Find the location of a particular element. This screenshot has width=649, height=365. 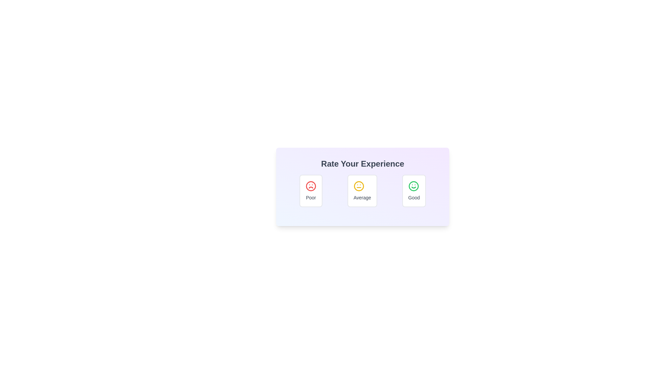

the text label displaying 'Good', which is located below a green smiling face icon in the rightmost box of a group of three horizontally arranged boxes is located at coordinates (413, 198).